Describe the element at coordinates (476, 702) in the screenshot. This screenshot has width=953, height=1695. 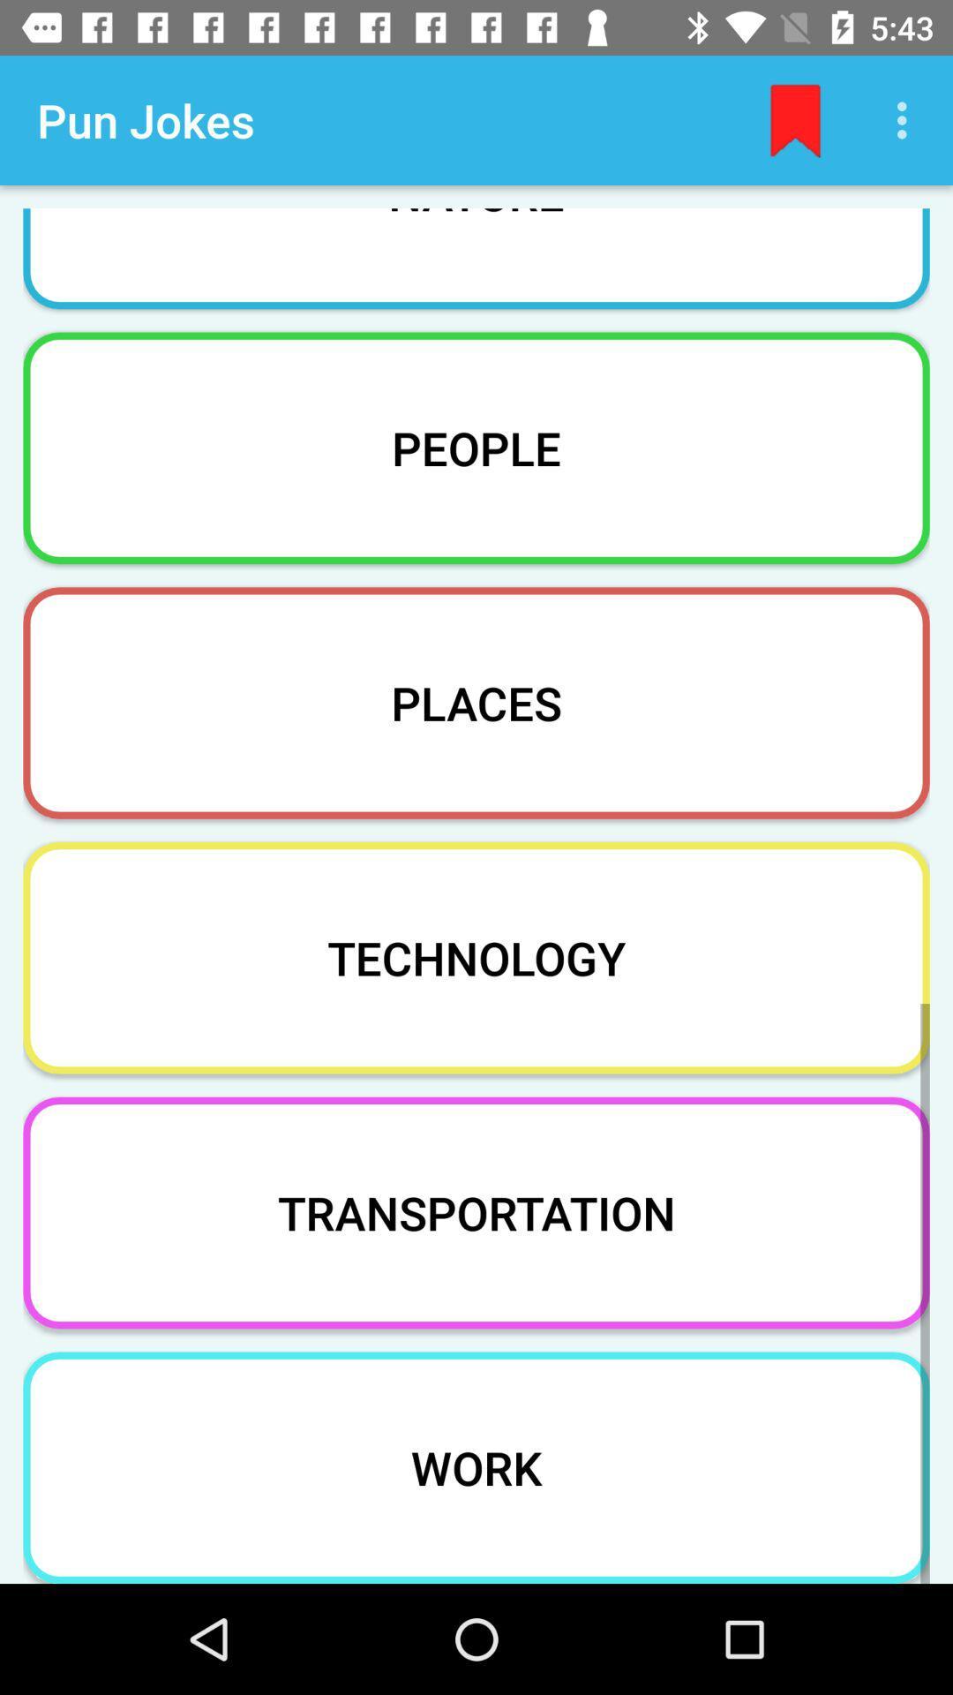
I see `places item` at that location.